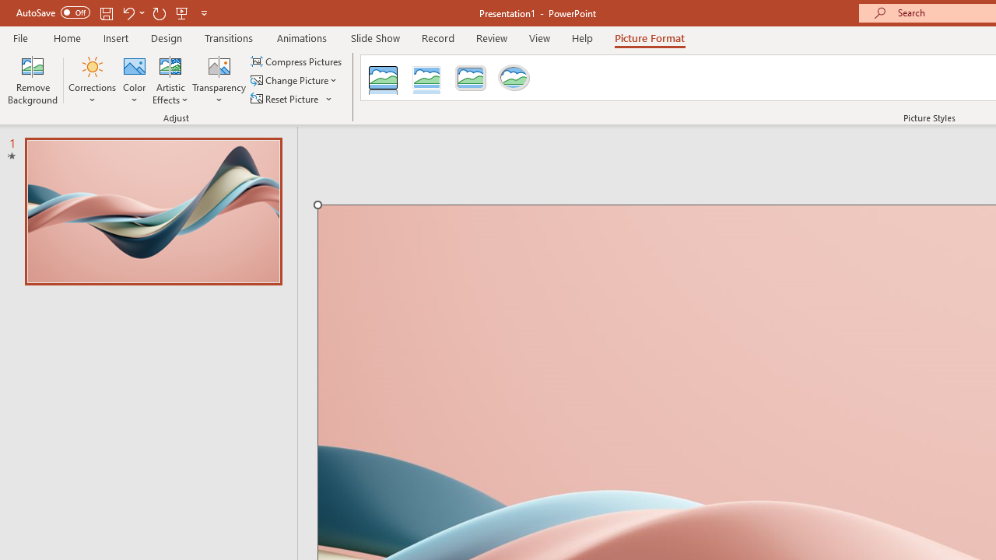 Image resolution: width=996 pixels, height=560 pixels. Describe the element at coordinates (295, 80) in the screenshot. I see `'Change Picture'` at that location.